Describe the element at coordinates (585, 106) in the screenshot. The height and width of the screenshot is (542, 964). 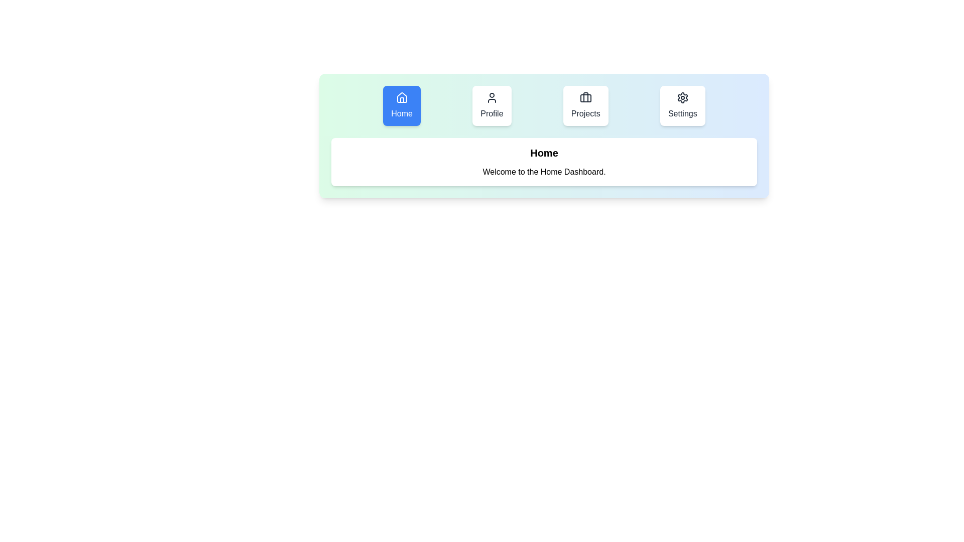
I see `the Projects tab by clicking on it` at that location.